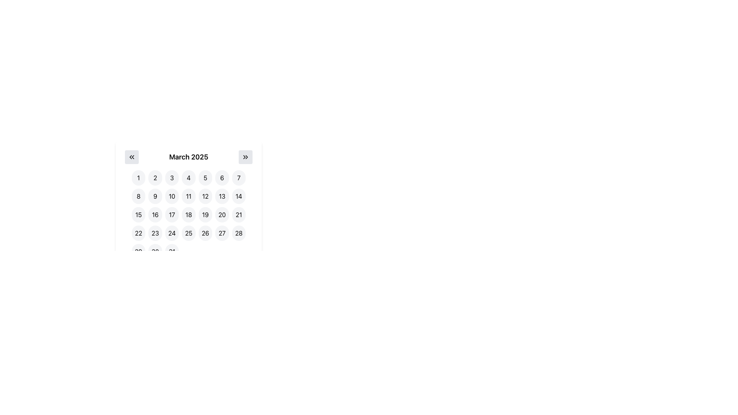 The image size is (738, 415). Describe the element at coordinates (188, 156) in the screenshot. I see `the text displaying the currently selected month and year in the calendar component, which is centrally located between the navigation buttons ('<<' and '>>')` at that location.